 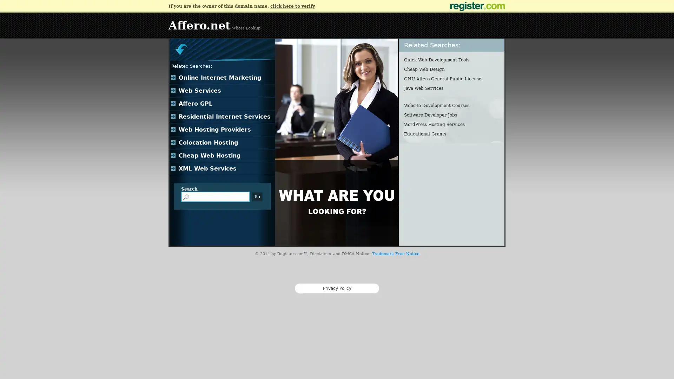 I want to click on Go, so click(x=257, y=197).